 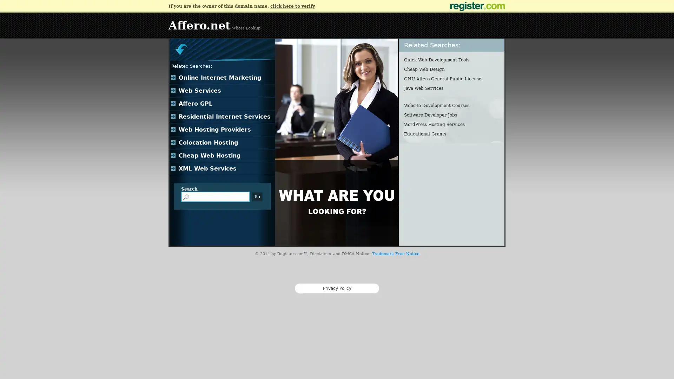 I want to click on Go, so click(x=257, y=197).